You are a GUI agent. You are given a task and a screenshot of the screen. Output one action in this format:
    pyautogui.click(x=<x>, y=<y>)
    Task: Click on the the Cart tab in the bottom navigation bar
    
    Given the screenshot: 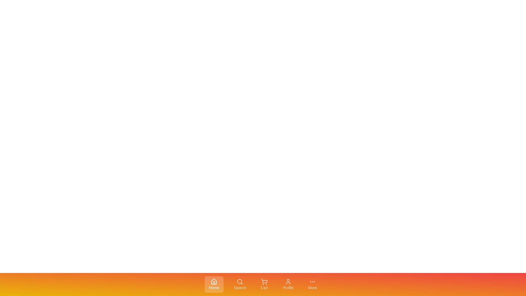 What is the action you would take?
    pyautogui.click(x=264, y=284)
    